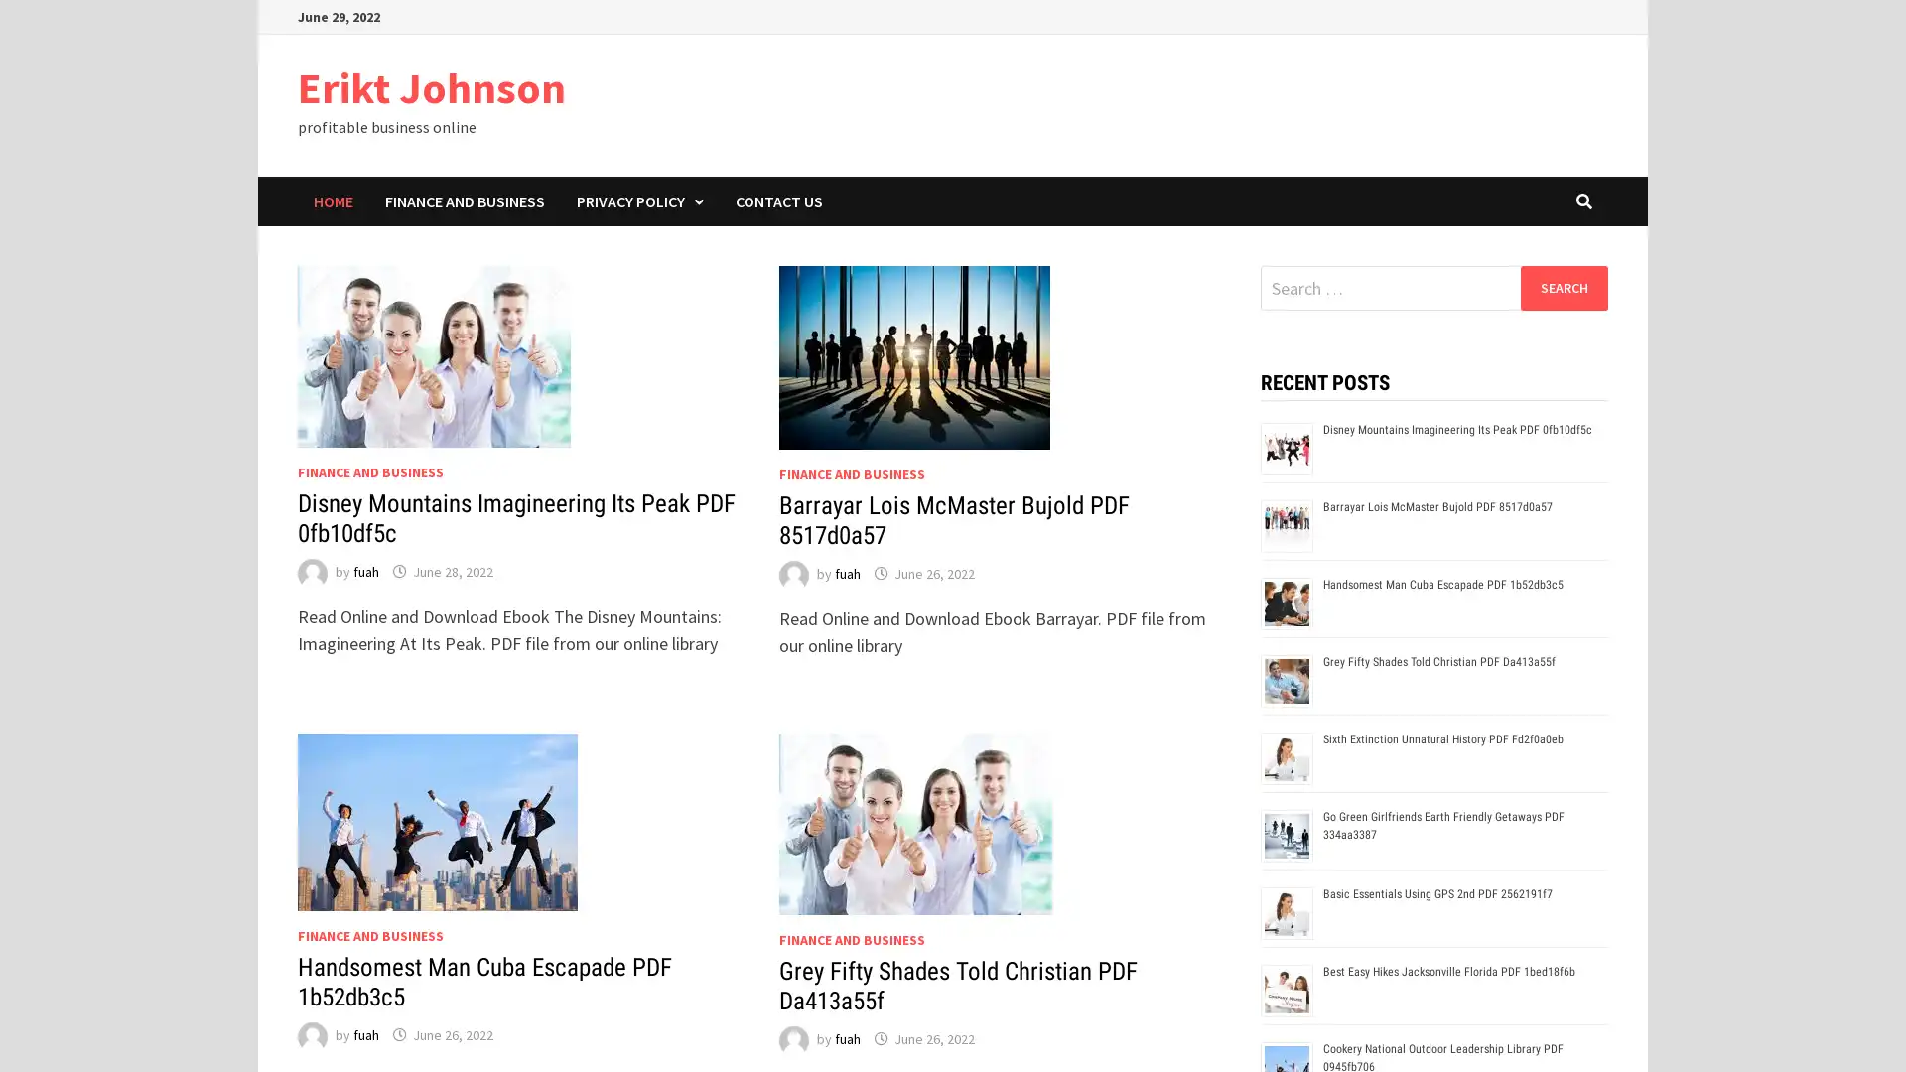 The image size is (1906, 1072). What do you see at coordinates (1563, 287) in the screenshot?
I see `Search` at bounding box center [1563, 287].